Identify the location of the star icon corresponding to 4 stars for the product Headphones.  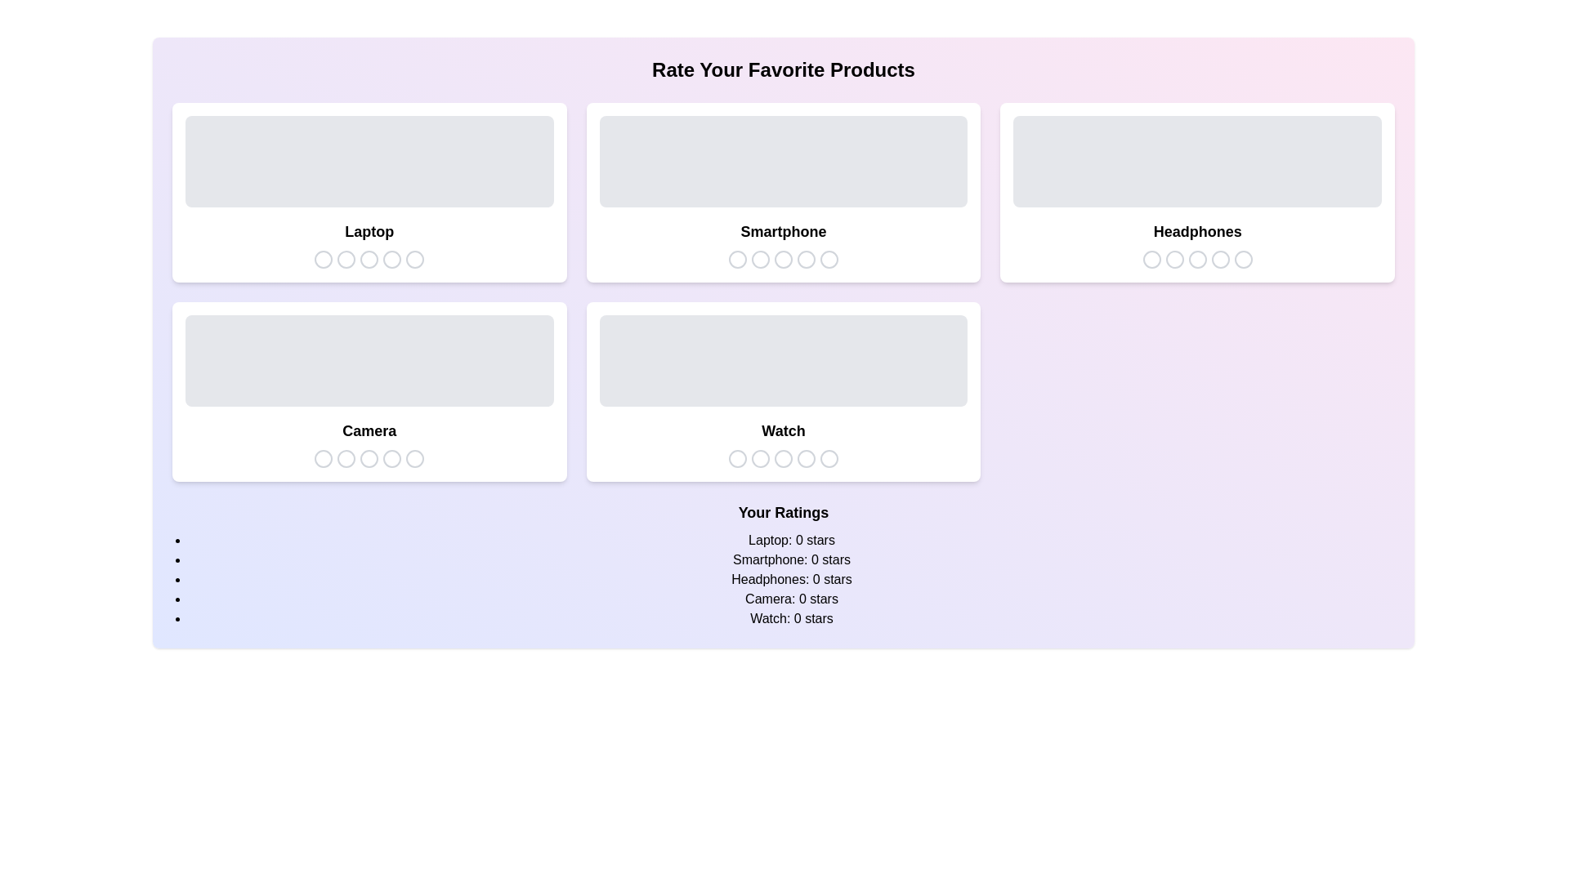
(1219, 258).